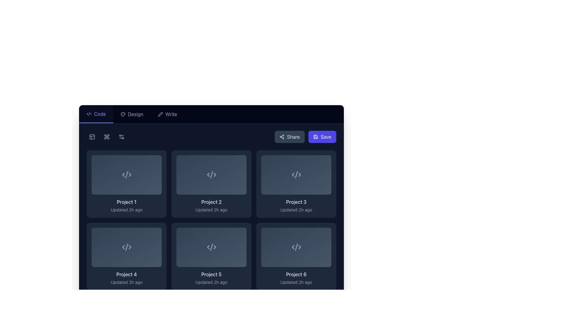 The width and height of the screenshot is (588, 330). Describe the element at coordinates (211, 282) in the screenshot. I see `text label displaying 'Updated 2h ago' located below the heading 'Project 5' within the card component` at that location.